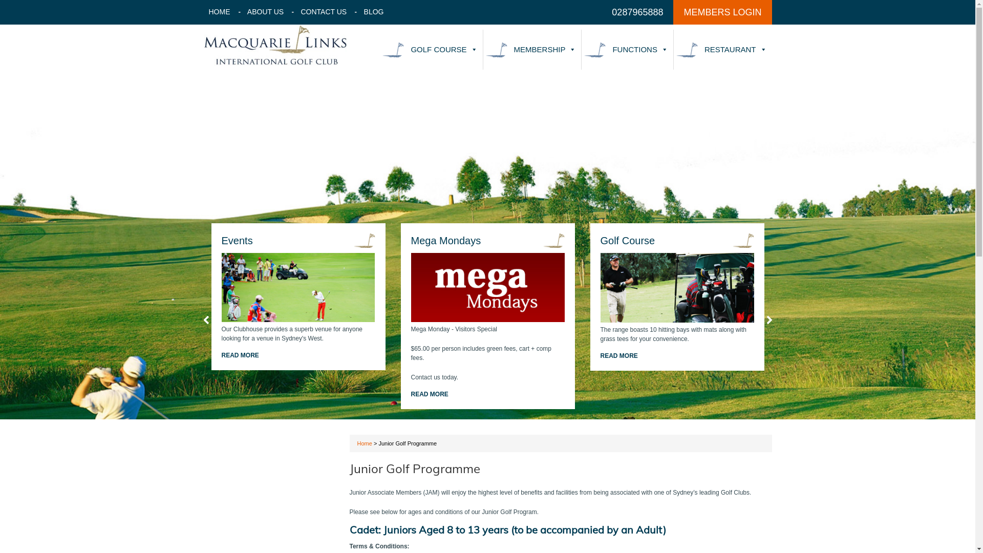 This screenshot has width=983, height=553. What do you see at coordinates (324, 12) in the screenshot?
I see `'CONTACT US'` at bounding box center [324, 12].